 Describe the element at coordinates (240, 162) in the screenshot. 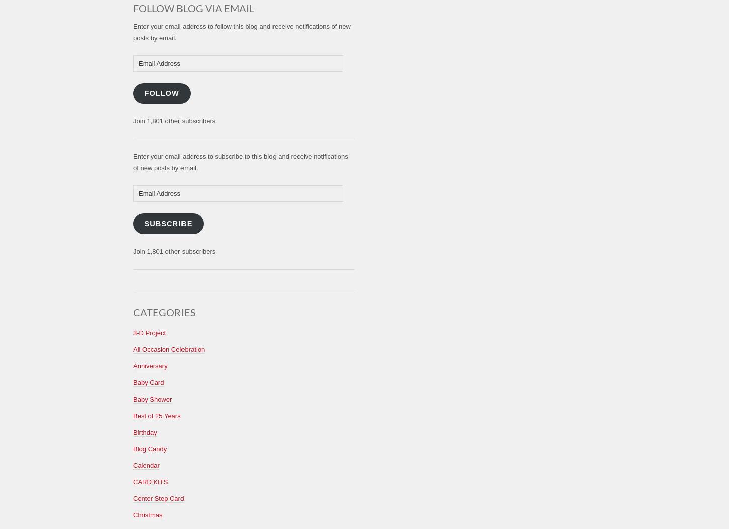

I see `'Enter your email address to subscribe to this blog and receive notifications of new posts by email.'` at that location.